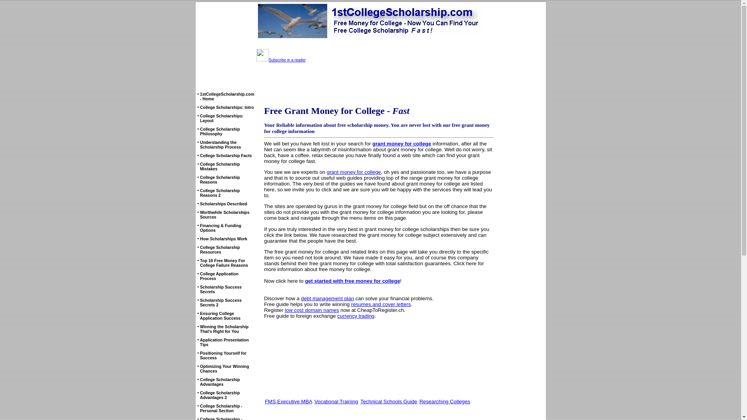 The image size is (747, 420). What do you see at coordinates (220, 144) in the screenshot?
I see `'Understanding the Scholarship Process'` at bounding box center [220, 144].